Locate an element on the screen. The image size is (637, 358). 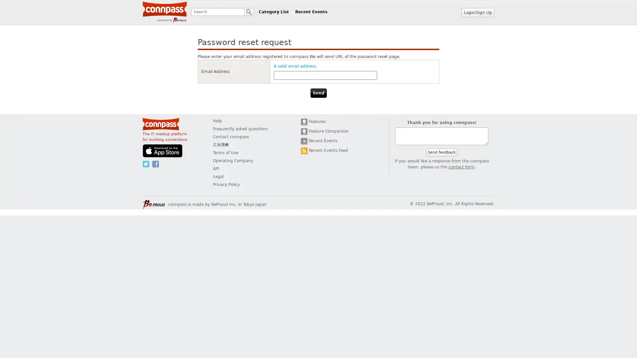
Search is located at coordinates (248, 12).